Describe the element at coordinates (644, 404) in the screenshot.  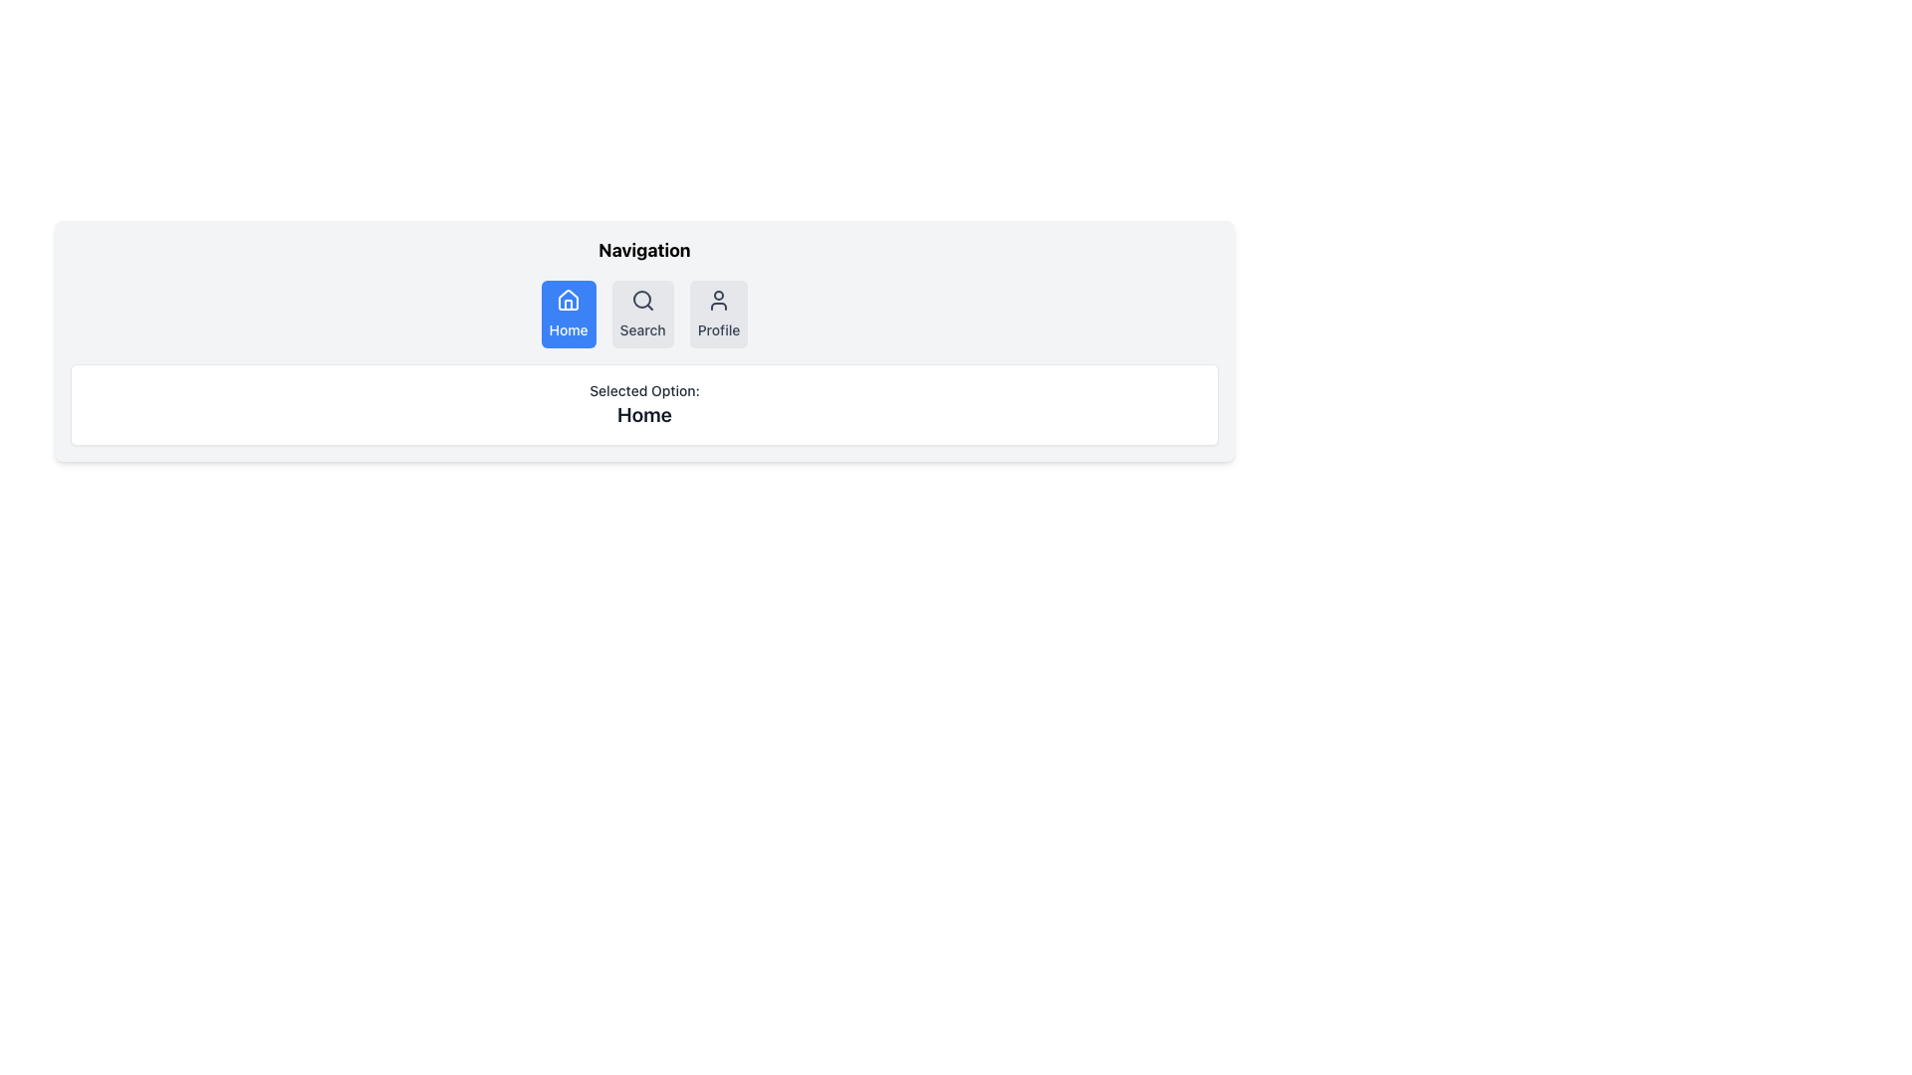
I see `the Text Display Box that indicates the currently selected navigation option, located beneath the navigation bar` at that location.